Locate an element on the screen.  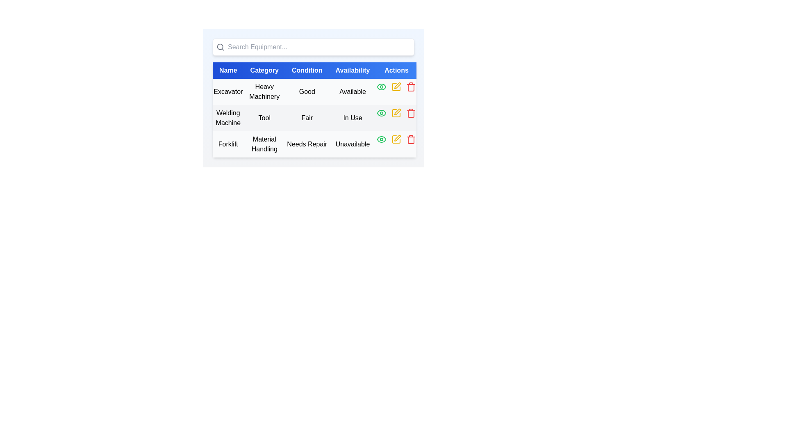
the yellow pen icon located at the top-right section of the Actions column is located at coordinates (398, 85).